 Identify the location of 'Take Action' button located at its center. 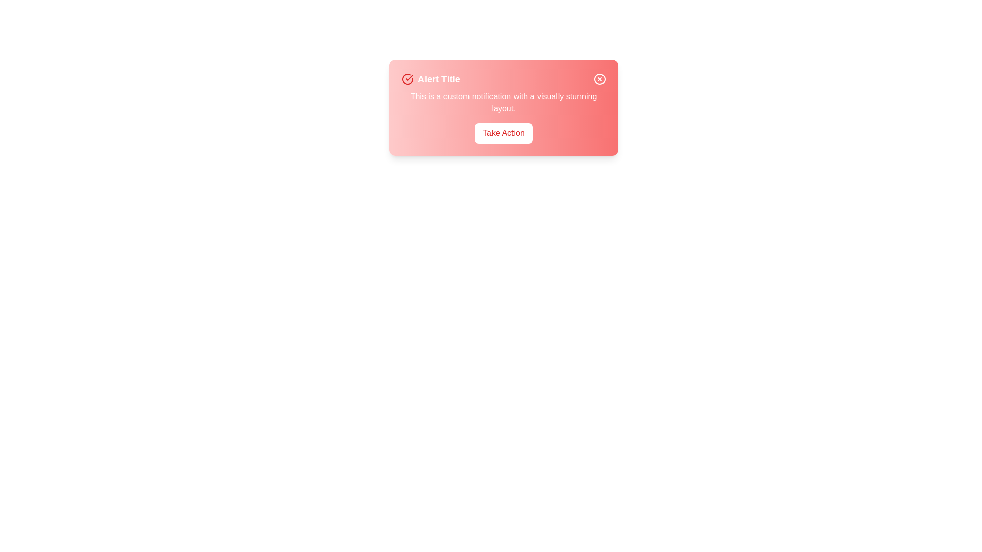
(503, 133).